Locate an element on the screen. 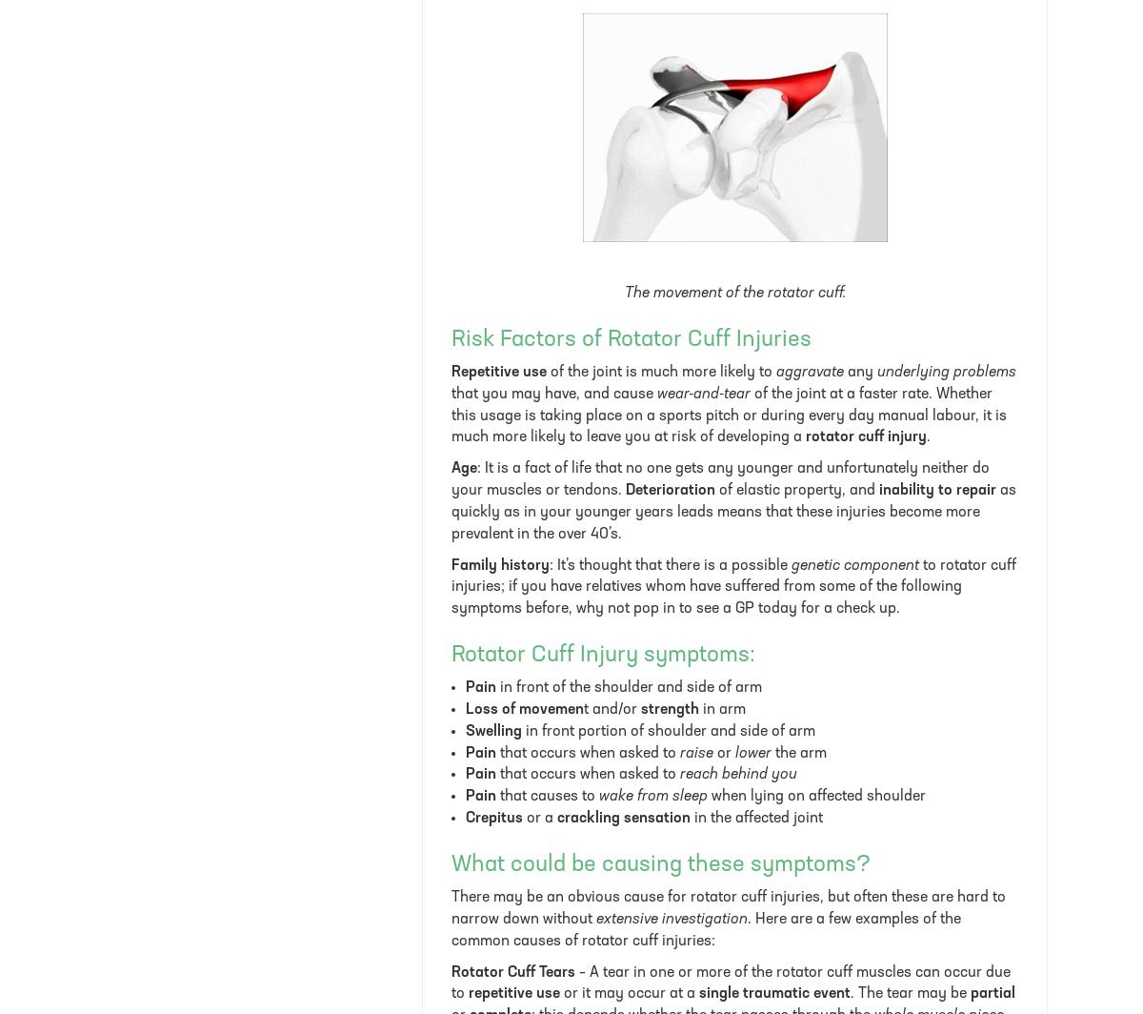 The image size is (1143, 1014). 'sensation' is located at coordinates (657, 818).